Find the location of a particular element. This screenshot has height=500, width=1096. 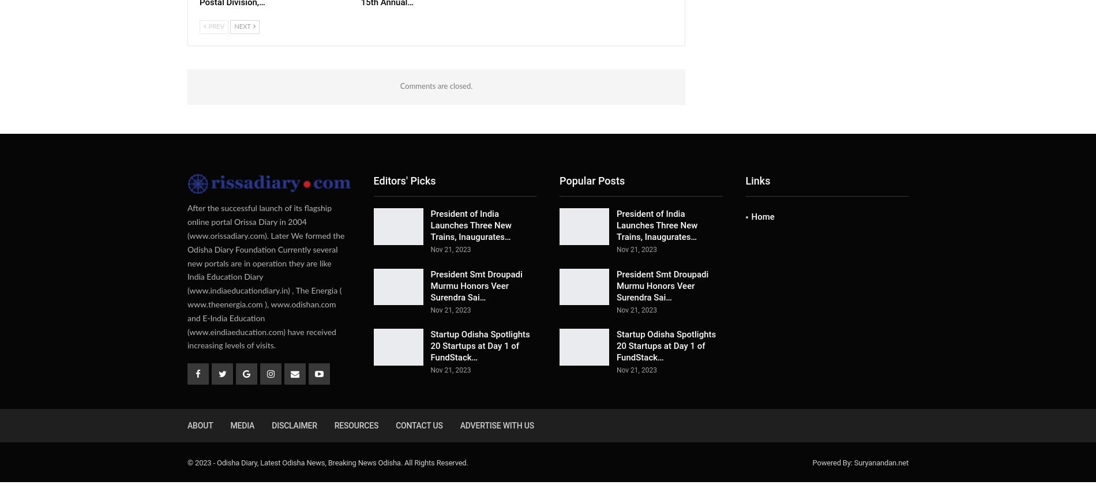

'Suryanandan.net' is located at coordinates (881, 462).